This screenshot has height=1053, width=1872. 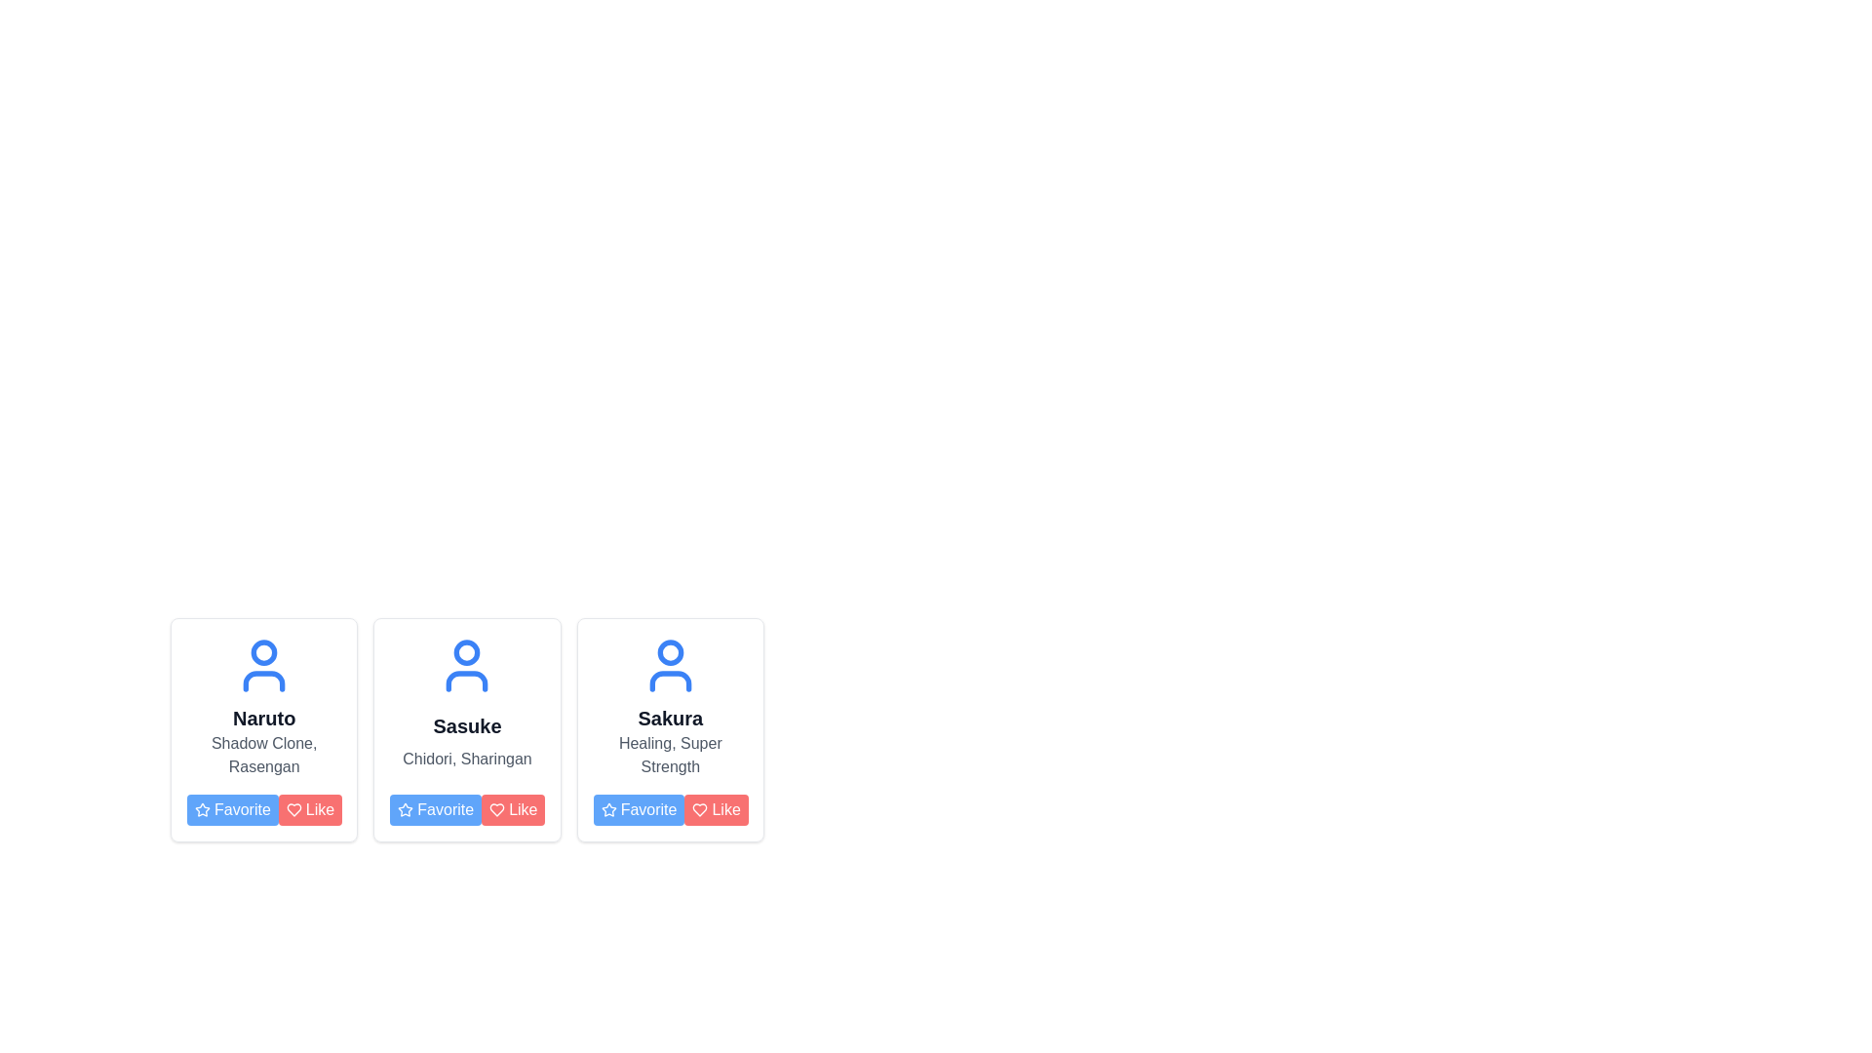 What do you see at coordinates (607, 809) in the screenshot?
I see `the 'Favorite' icon within the button component located in the third card representing the character 'Sakura'` at bounding box center [607, 809].